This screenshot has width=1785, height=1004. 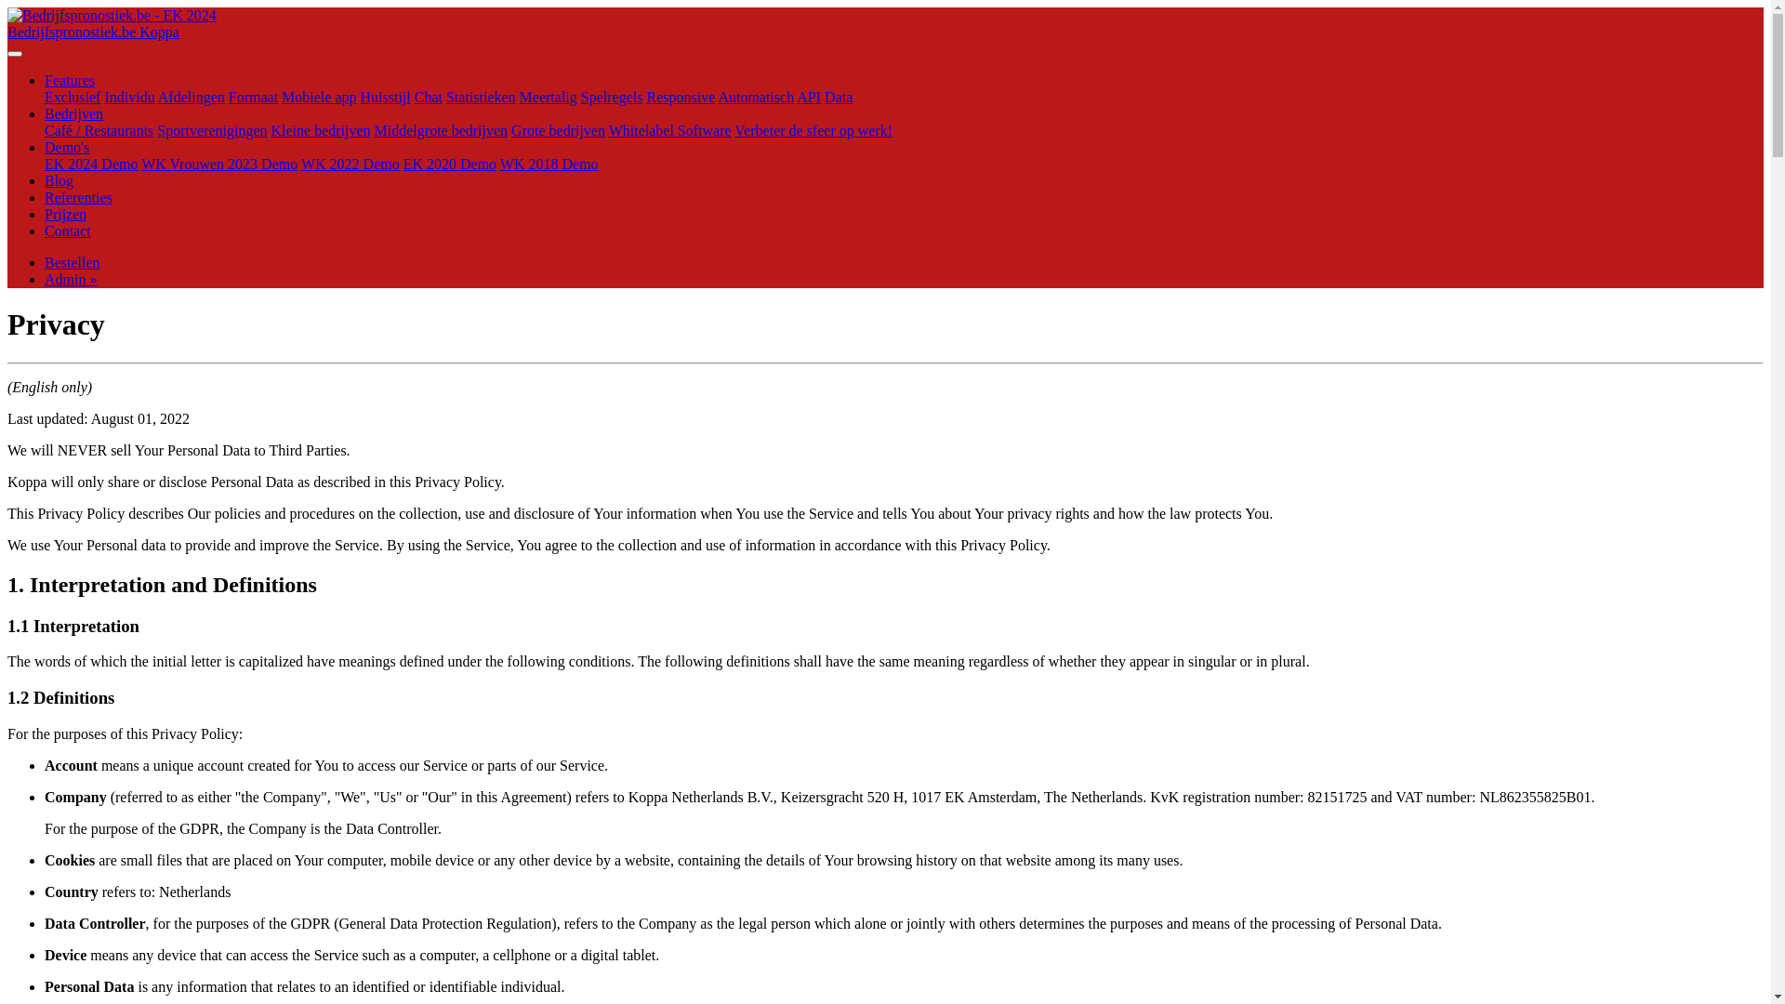 I want to click on 'Individu', so click(x=128, y=97).